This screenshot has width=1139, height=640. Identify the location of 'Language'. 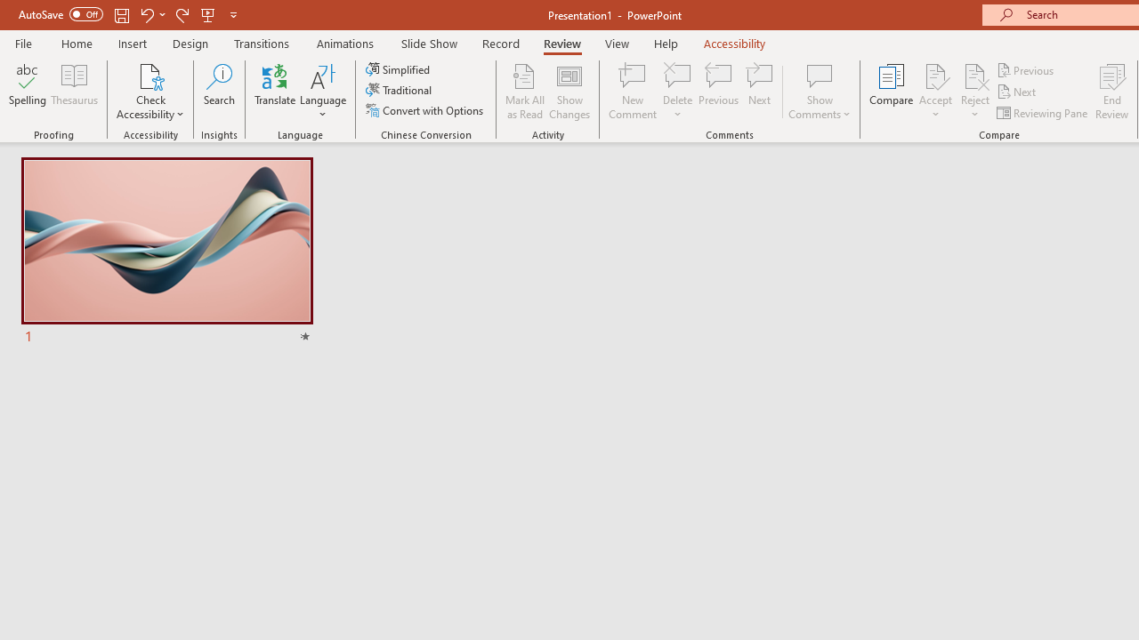
(323, 92).